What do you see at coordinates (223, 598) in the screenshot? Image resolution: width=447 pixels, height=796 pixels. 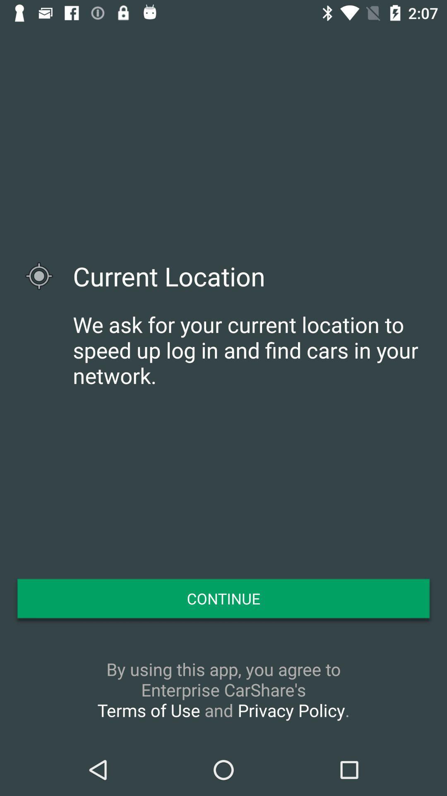 I see `the continue` at bounding box center [223, 598].